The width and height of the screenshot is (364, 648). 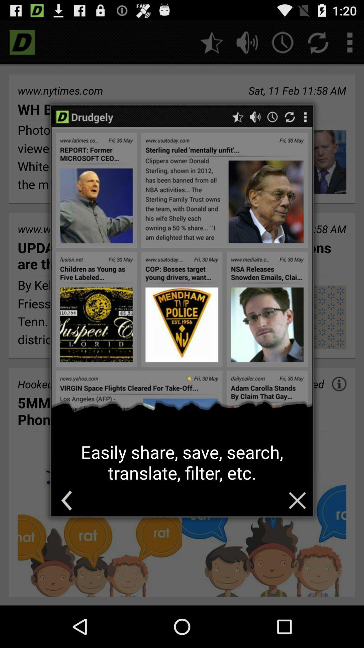 What do you see at coordinates (66, 501) in the screenshot?
I see `icon at the bottom left corner` at bounding box center [66, 501].